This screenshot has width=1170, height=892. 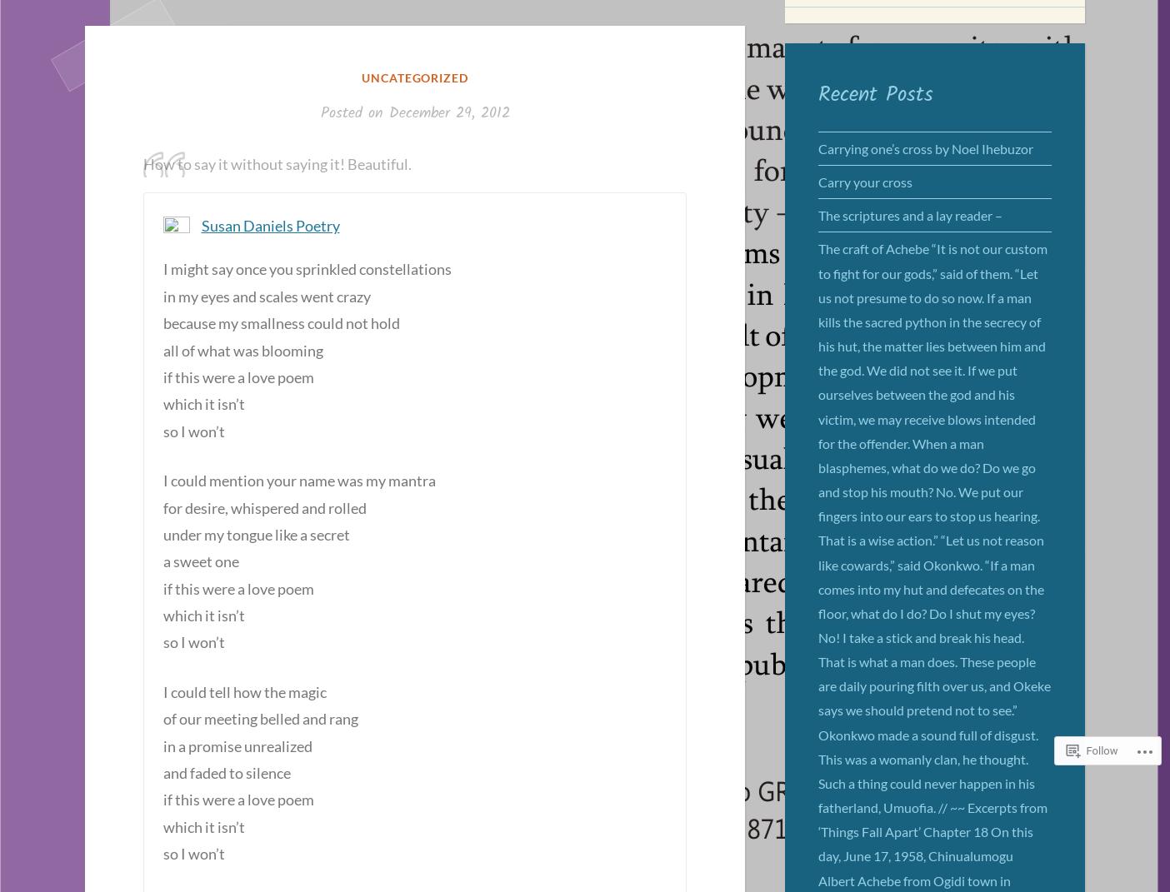 What do you see at coordinates (865, 181) in the screenshot?
I see `'Carry your cross'` at bounding box center [865, 181].